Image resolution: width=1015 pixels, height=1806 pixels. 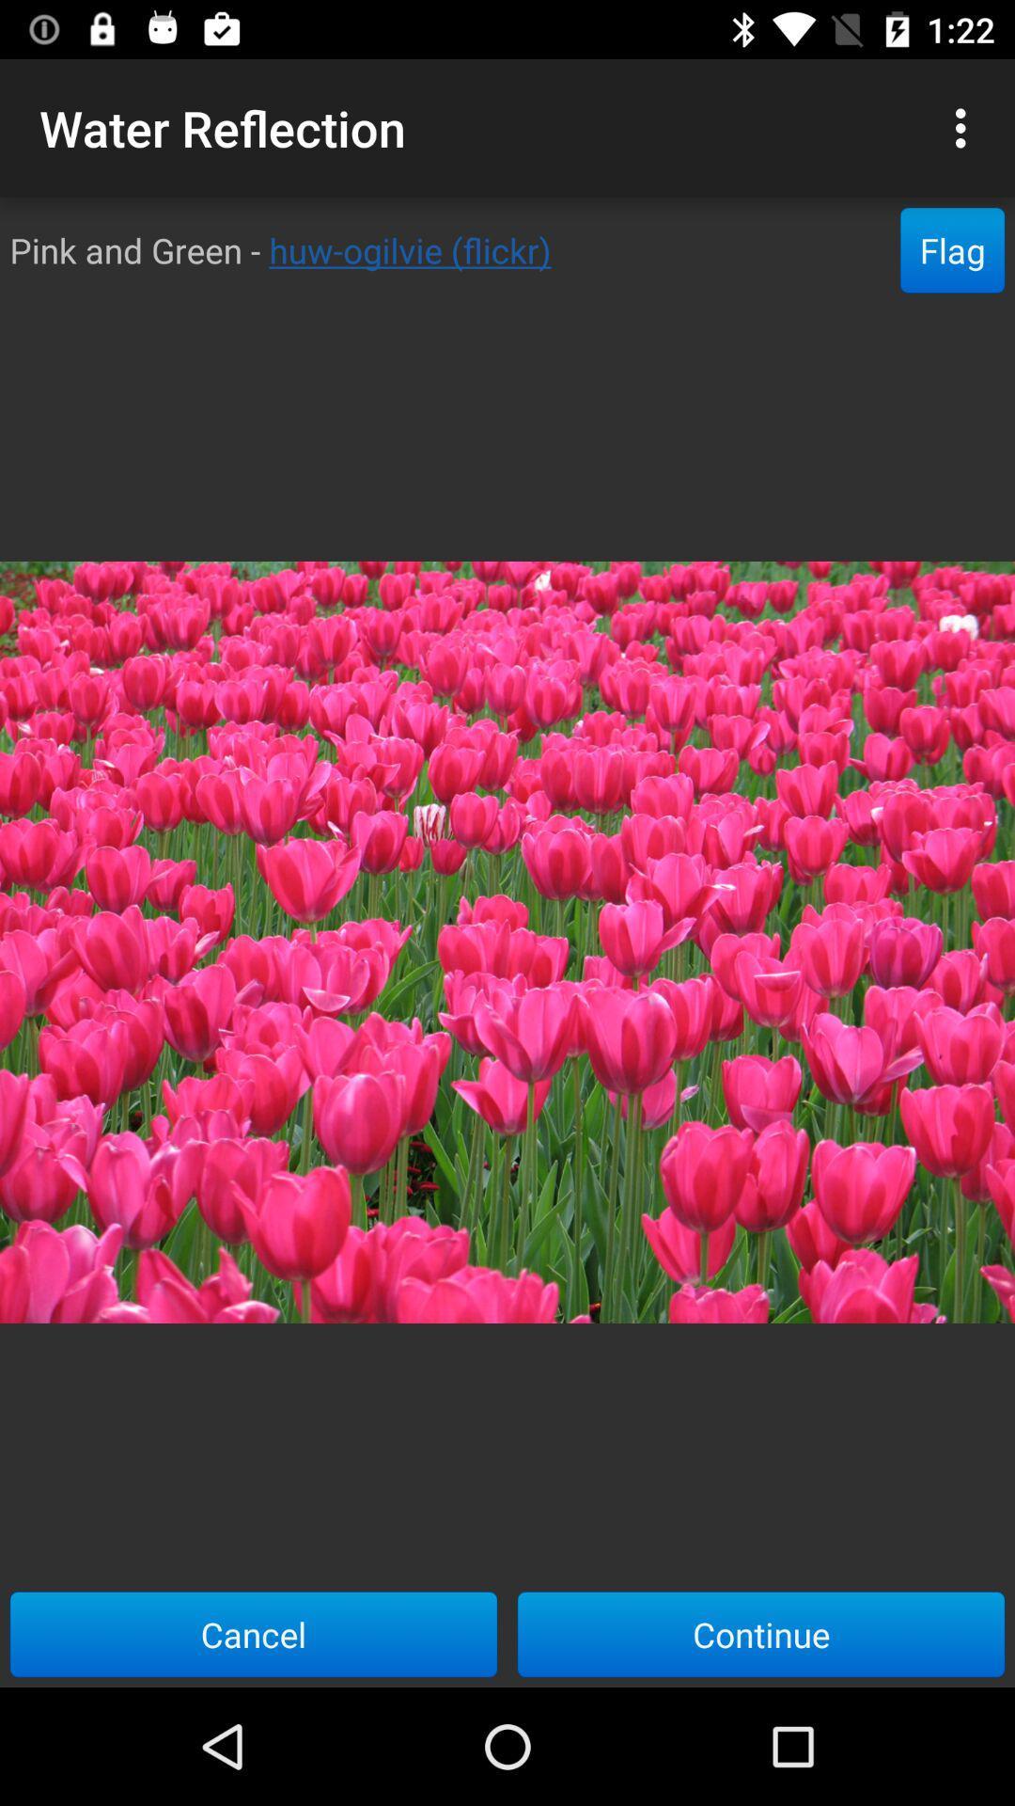 What do you see at coordinates (952, 249) in the screenshot?
I see `flag` at bounding box center [952, 249].